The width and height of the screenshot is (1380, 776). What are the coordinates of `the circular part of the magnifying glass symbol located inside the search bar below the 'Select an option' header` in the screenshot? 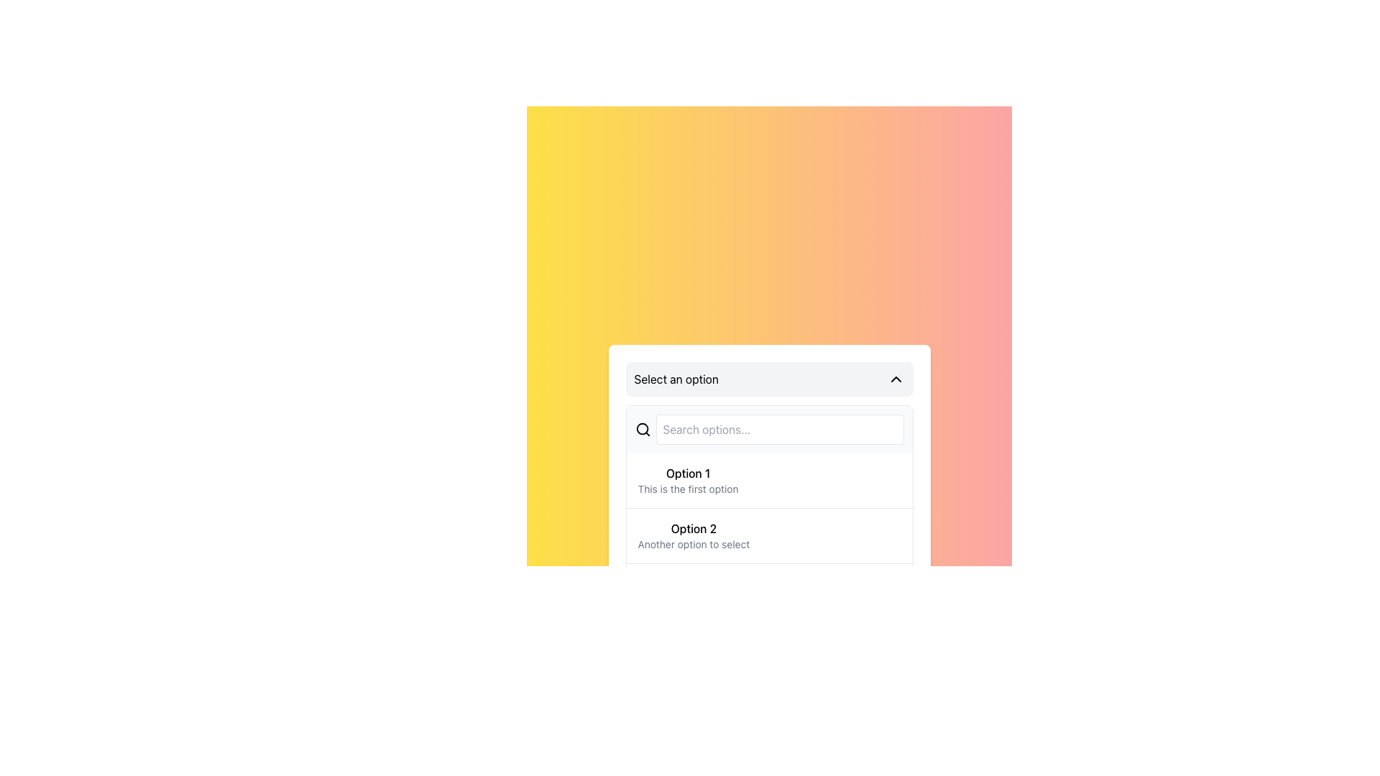 It's located at (641, 428).